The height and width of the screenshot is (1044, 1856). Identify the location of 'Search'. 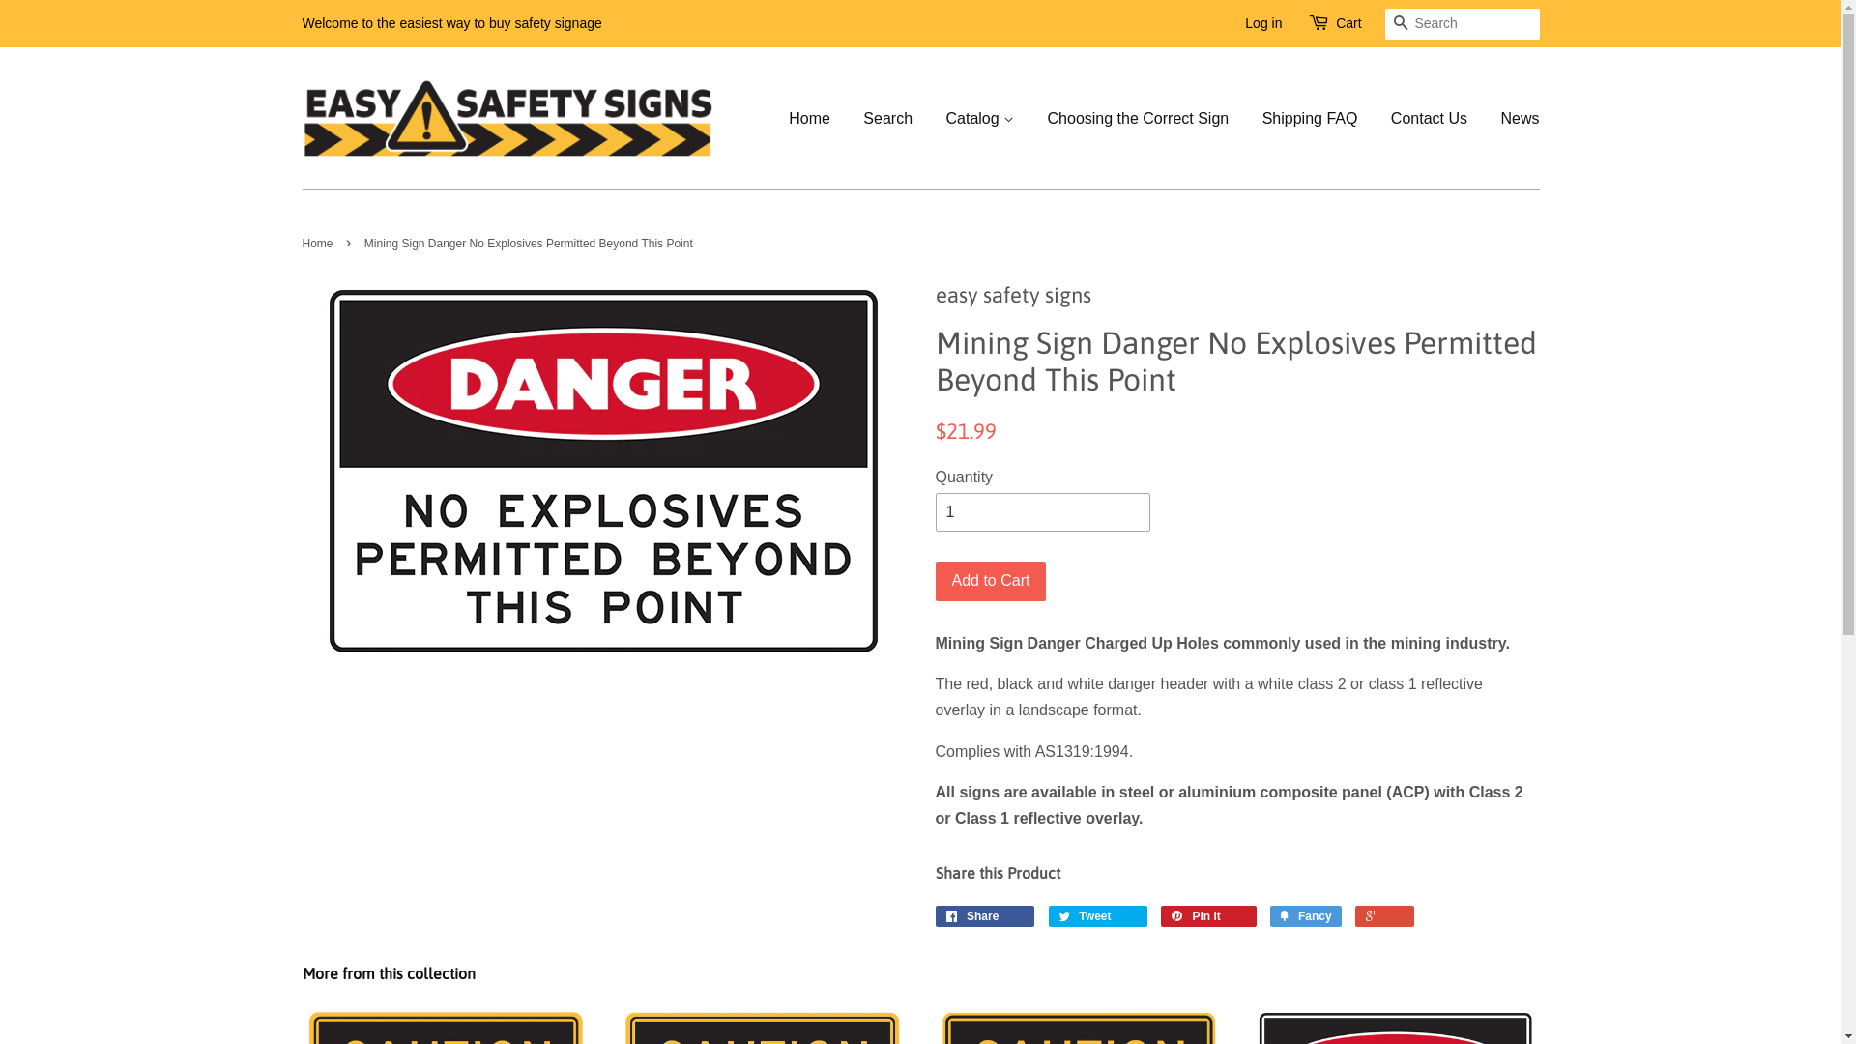
(1400, 24).